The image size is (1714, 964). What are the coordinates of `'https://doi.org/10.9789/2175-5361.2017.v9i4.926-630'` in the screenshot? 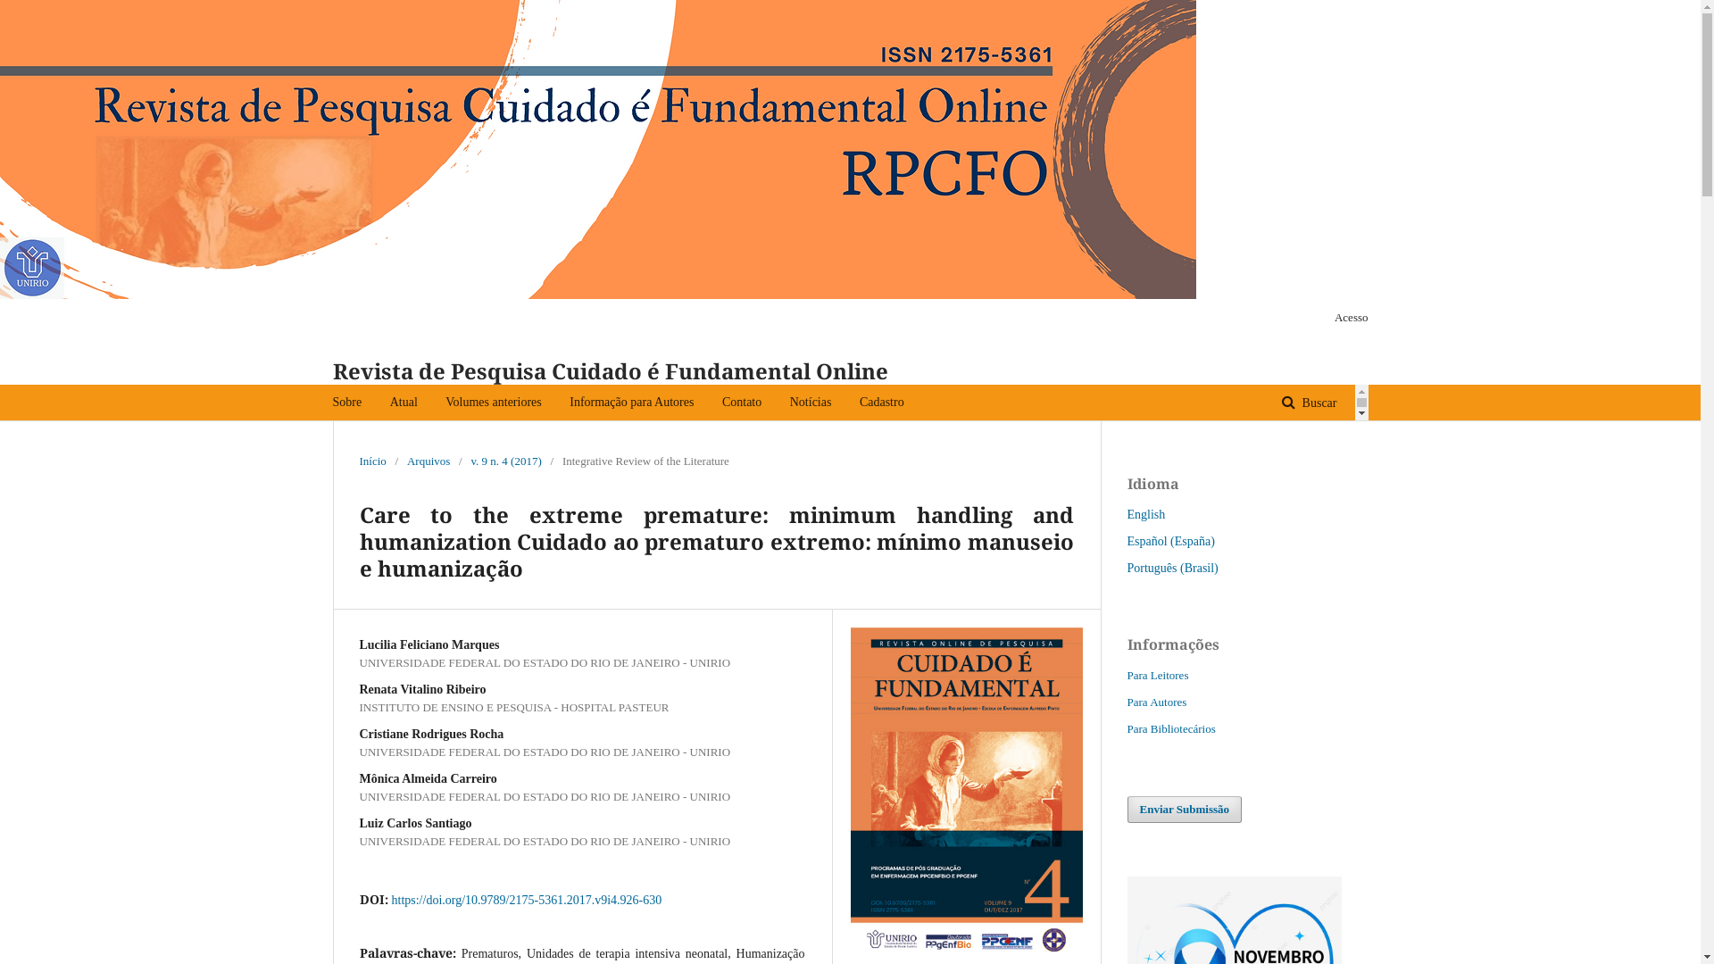 It's located at (525, 900).